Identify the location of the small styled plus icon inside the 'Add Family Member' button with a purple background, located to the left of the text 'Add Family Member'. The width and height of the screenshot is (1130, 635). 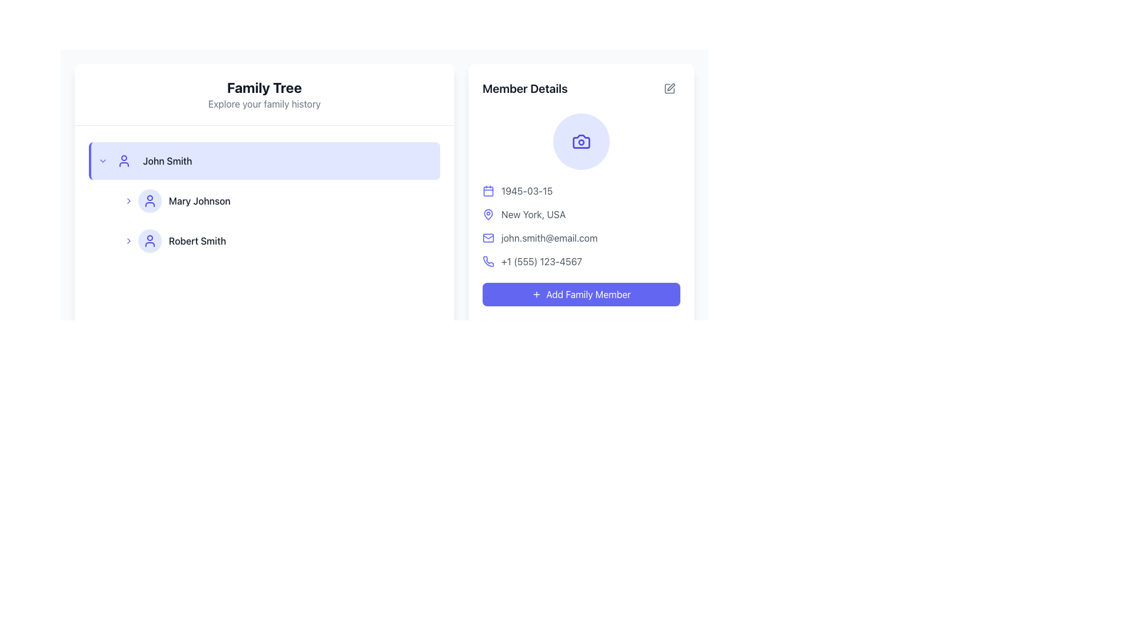
(536, 294).